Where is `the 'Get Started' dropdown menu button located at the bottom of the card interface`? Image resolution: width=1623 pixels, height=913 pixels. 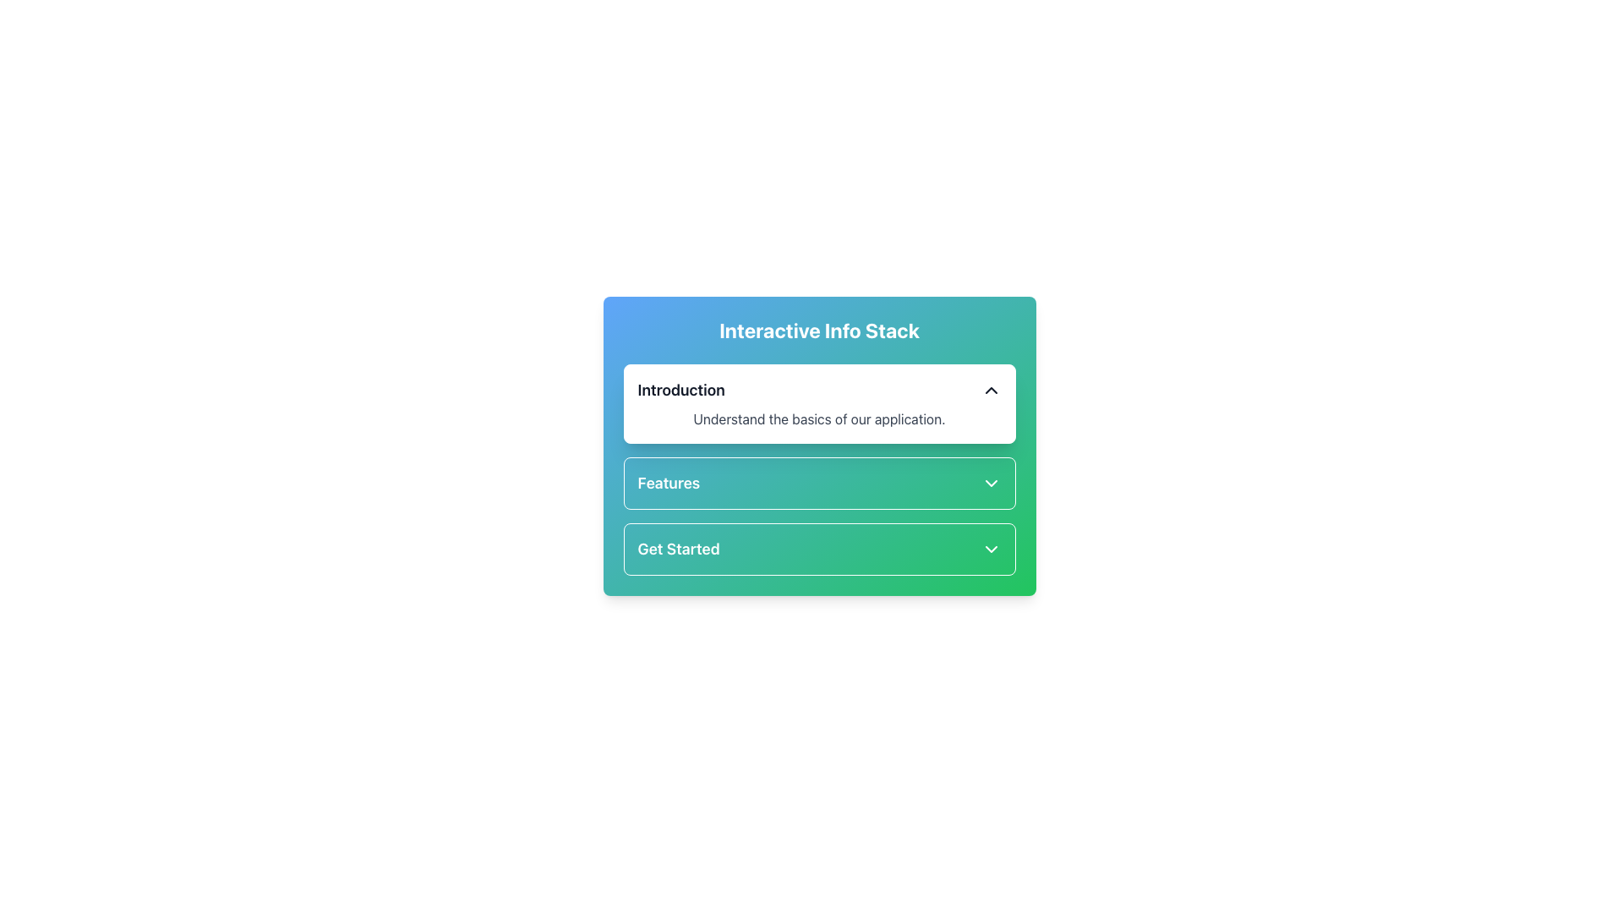 the 'Get Started' dropdown menu button located at the bottom of the card interface is located at coordinates (819, 549).